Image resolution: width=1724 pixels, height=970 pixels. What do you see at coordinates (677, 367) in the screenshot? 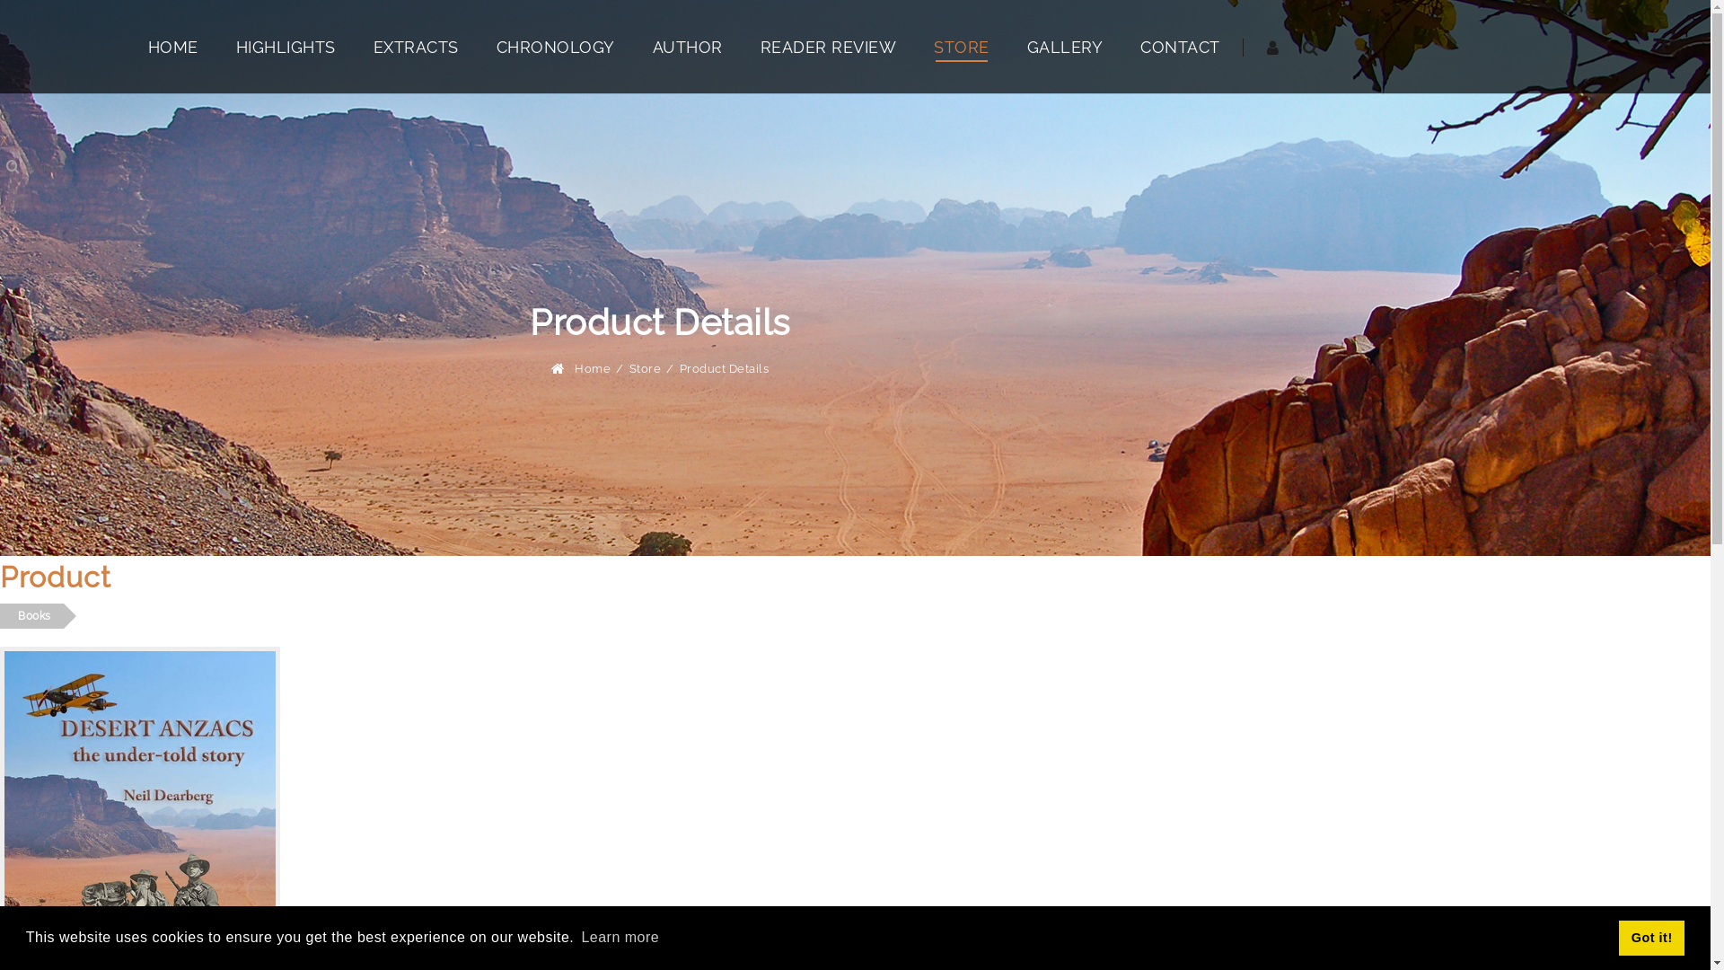
I see `'Product Details'` at bounding box center [677, 367].